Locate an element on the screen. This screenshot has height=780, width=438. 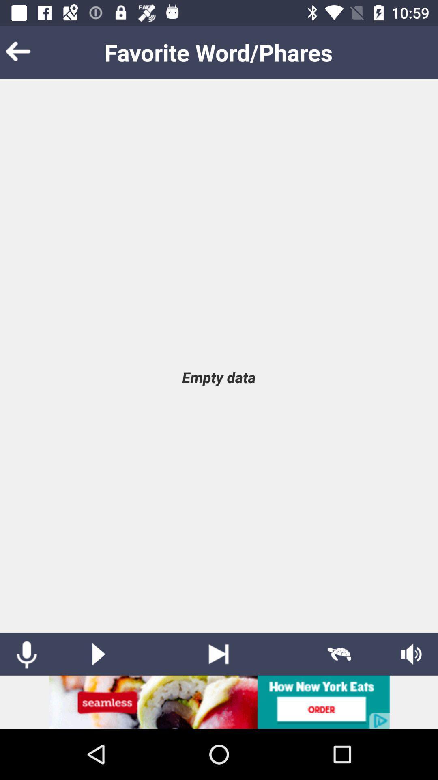
forward play is located at coordinates (218, 654).